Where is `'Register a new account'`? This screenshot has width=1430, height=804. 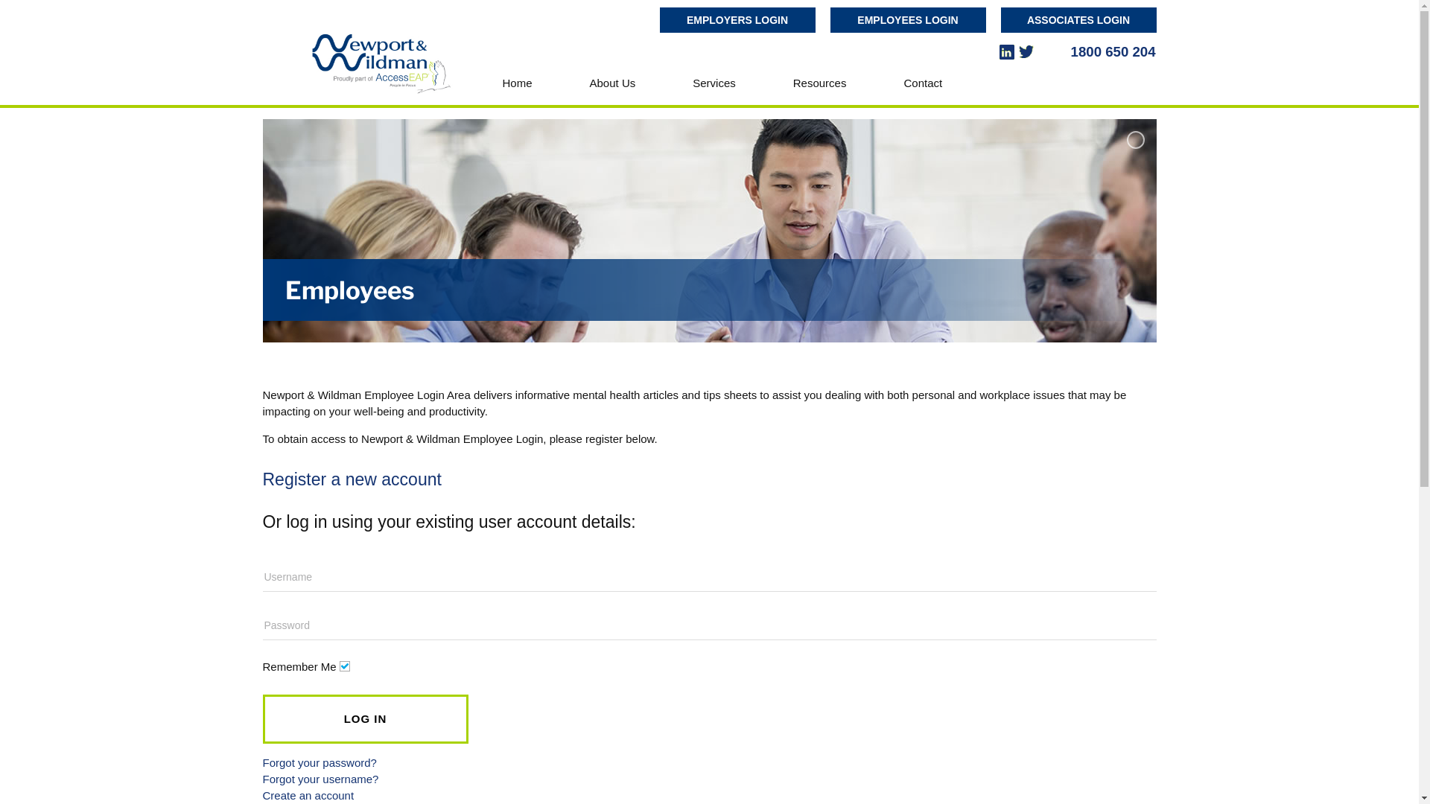
'Register a new account' is located at coordinates (350, 479).